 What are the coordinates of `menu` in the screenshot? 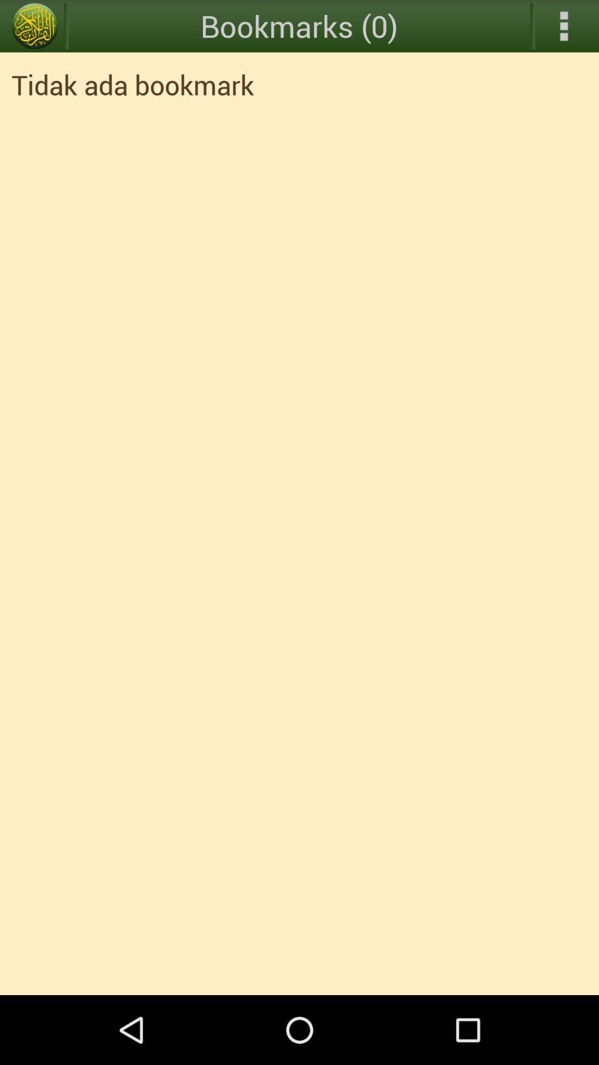 It's located at (34, 26).